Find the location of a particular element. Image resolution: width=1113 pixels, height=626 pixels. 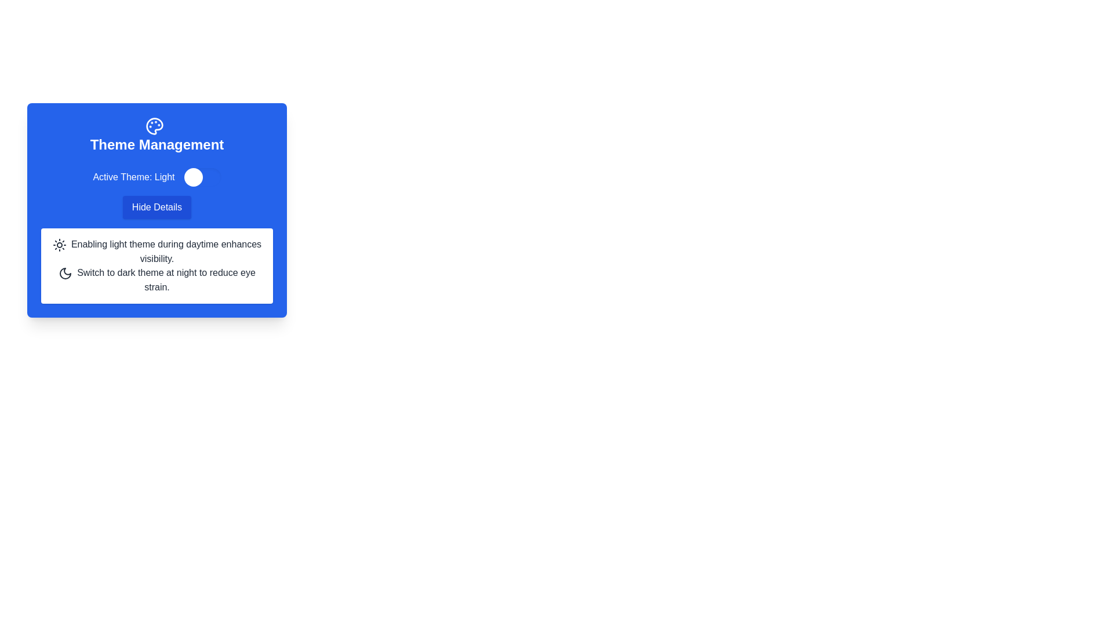

the small moon icon styled as an outline with a crescent shape is located at coordinates (65, 273).